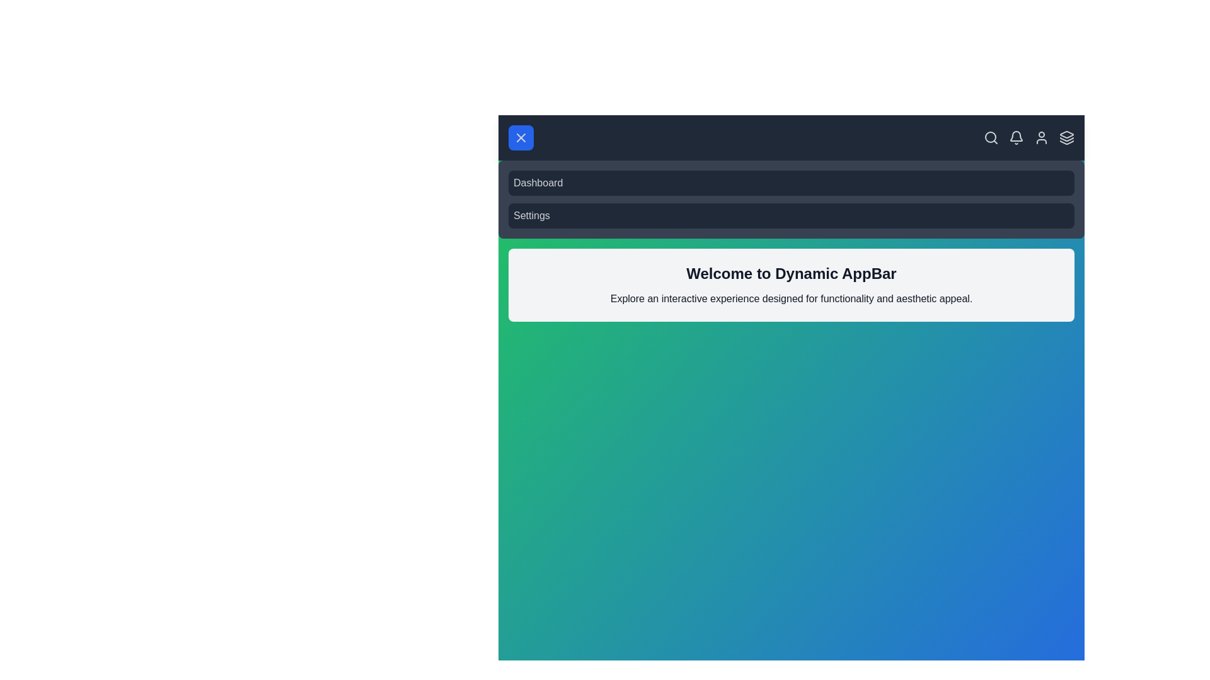  I want to click on the search icon in the app bar, so click(991, 138).